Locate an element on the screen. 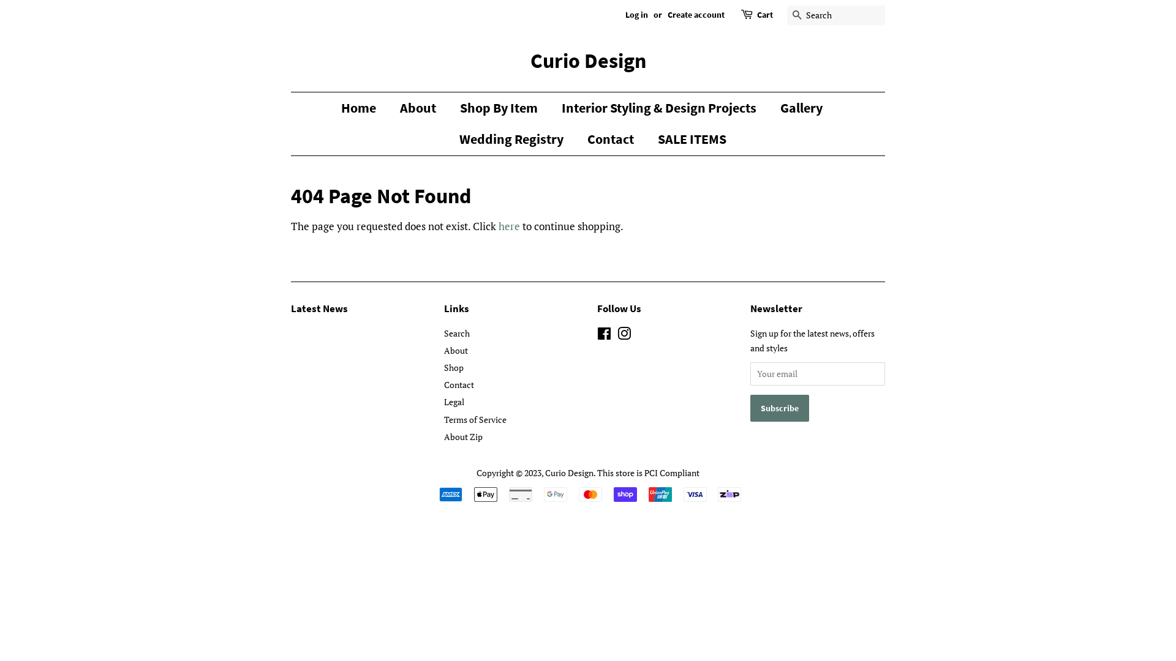 Image resolution: width=1176 pixels, height=661 pixels. 'Home' is located at coordinates (364, 107).